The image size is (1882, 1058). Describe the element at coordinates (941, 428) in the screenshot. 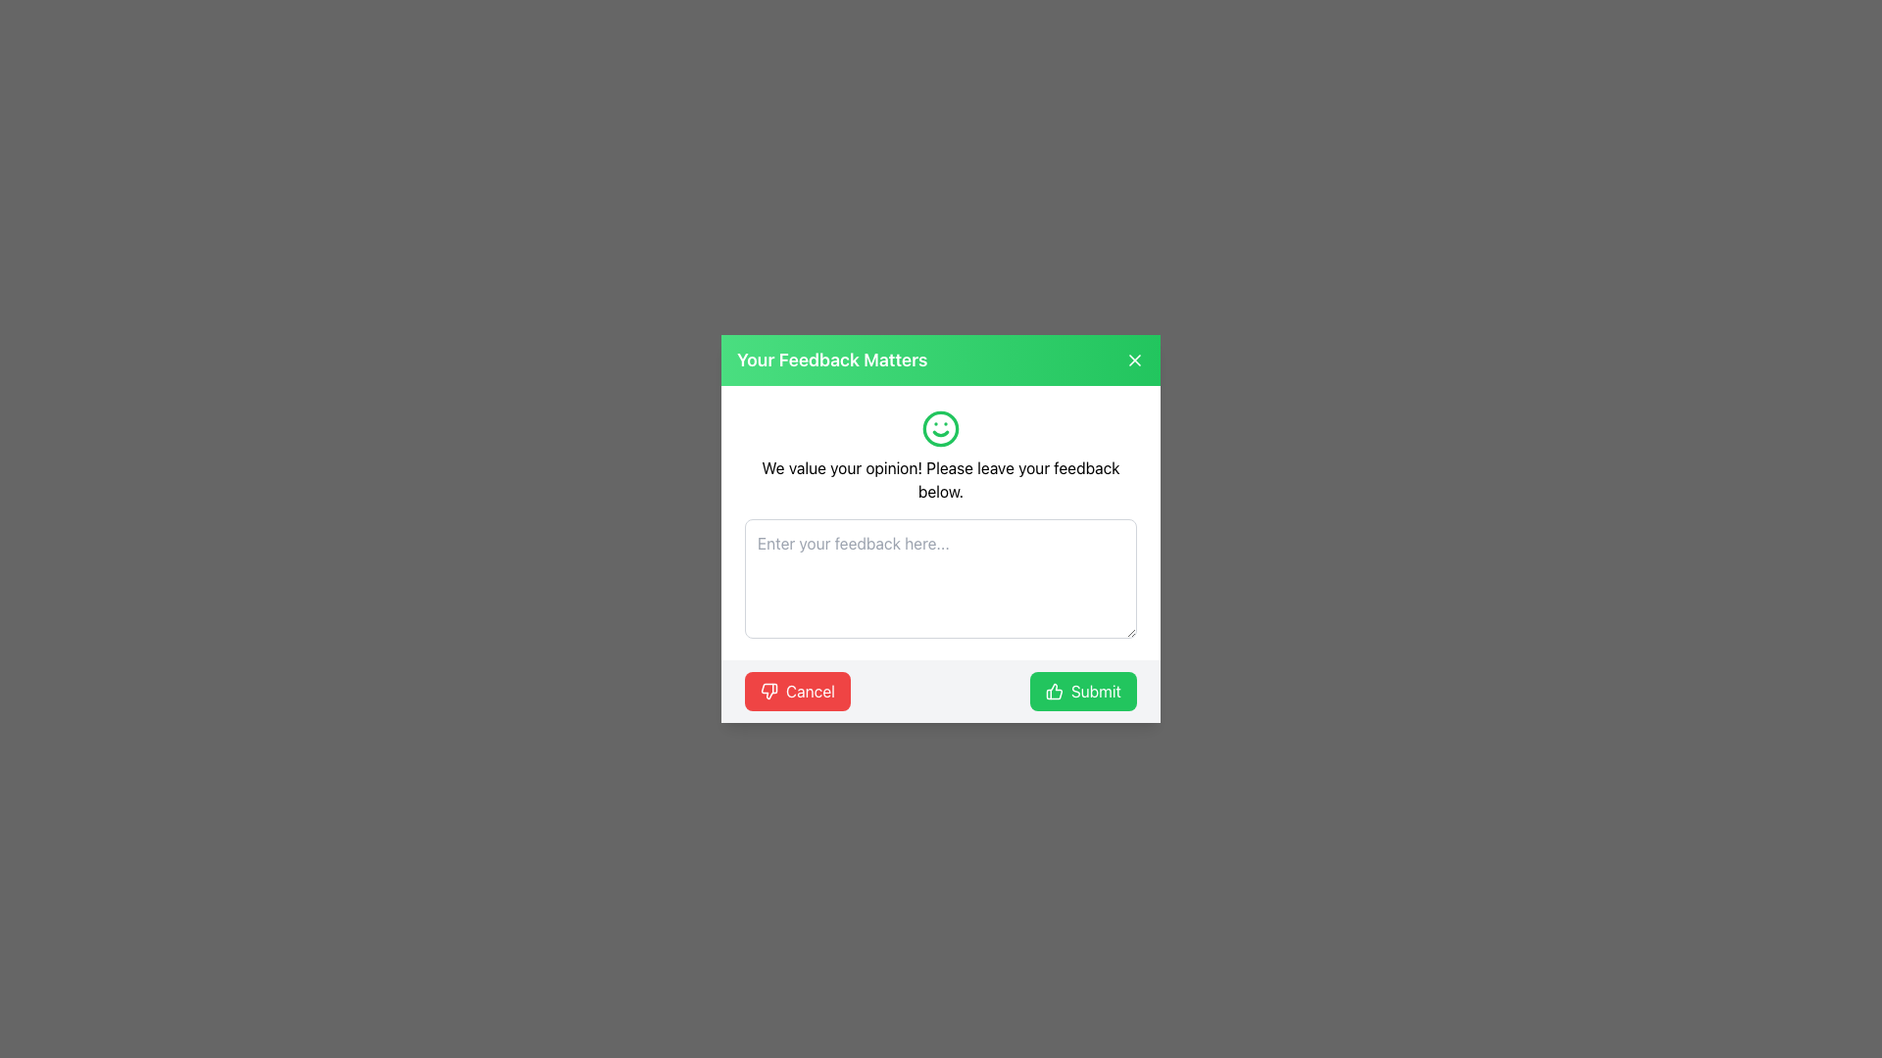

I see `the decorative icon representing positive sentiment located at the top-center of the feedback dialog box, above the text 'We value your opinion! Please leave your feedback below.'` at that location.